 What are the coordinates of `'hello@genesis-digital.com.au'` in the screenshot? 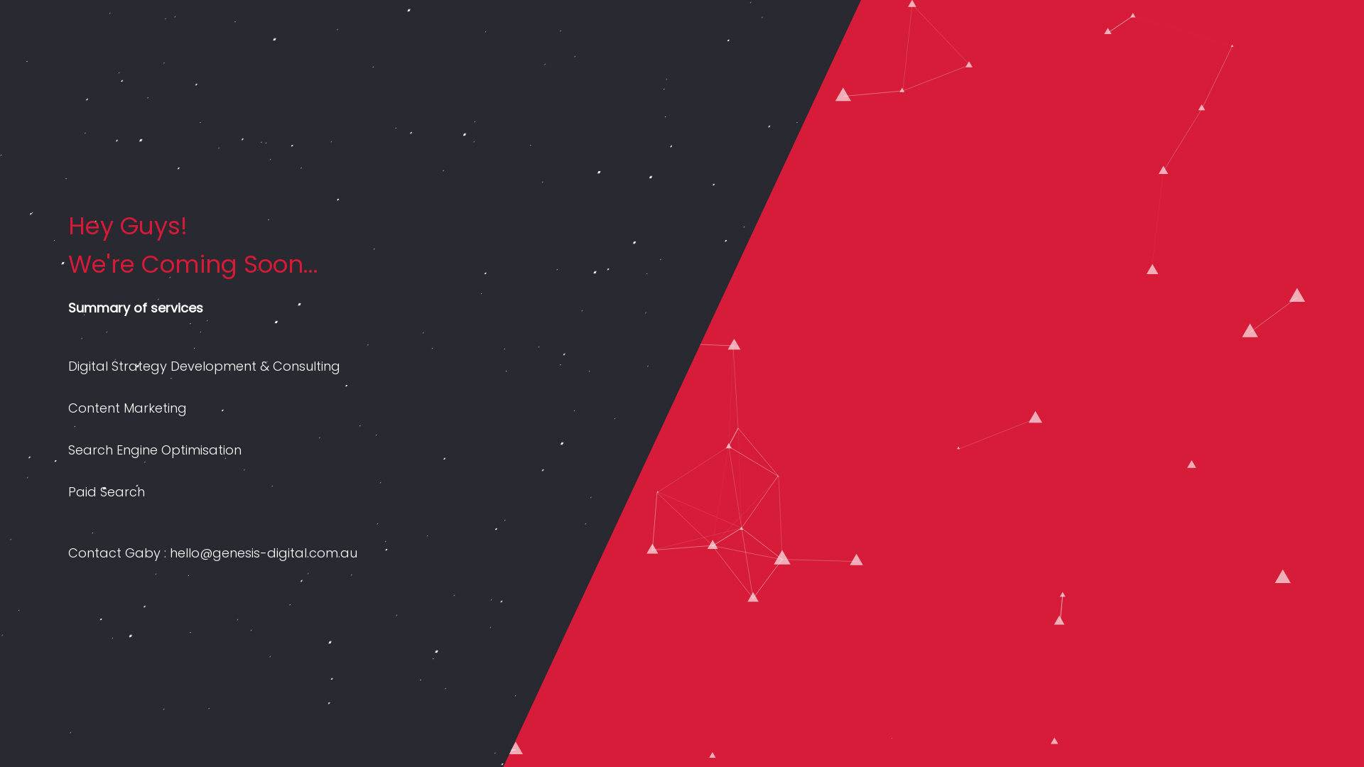 It's located at (263, 552).